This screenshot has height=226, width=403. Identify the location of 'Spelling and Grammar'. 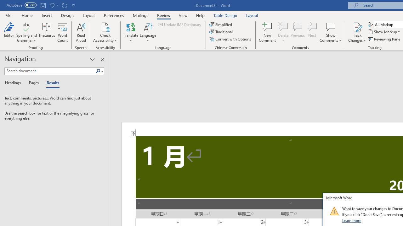
(26, 32).